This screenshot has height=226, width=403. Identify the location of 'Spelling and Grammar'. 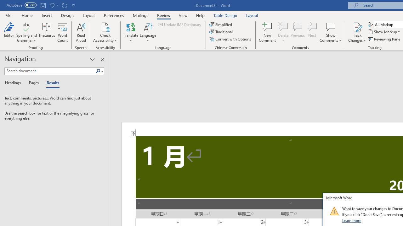
(26, 32).